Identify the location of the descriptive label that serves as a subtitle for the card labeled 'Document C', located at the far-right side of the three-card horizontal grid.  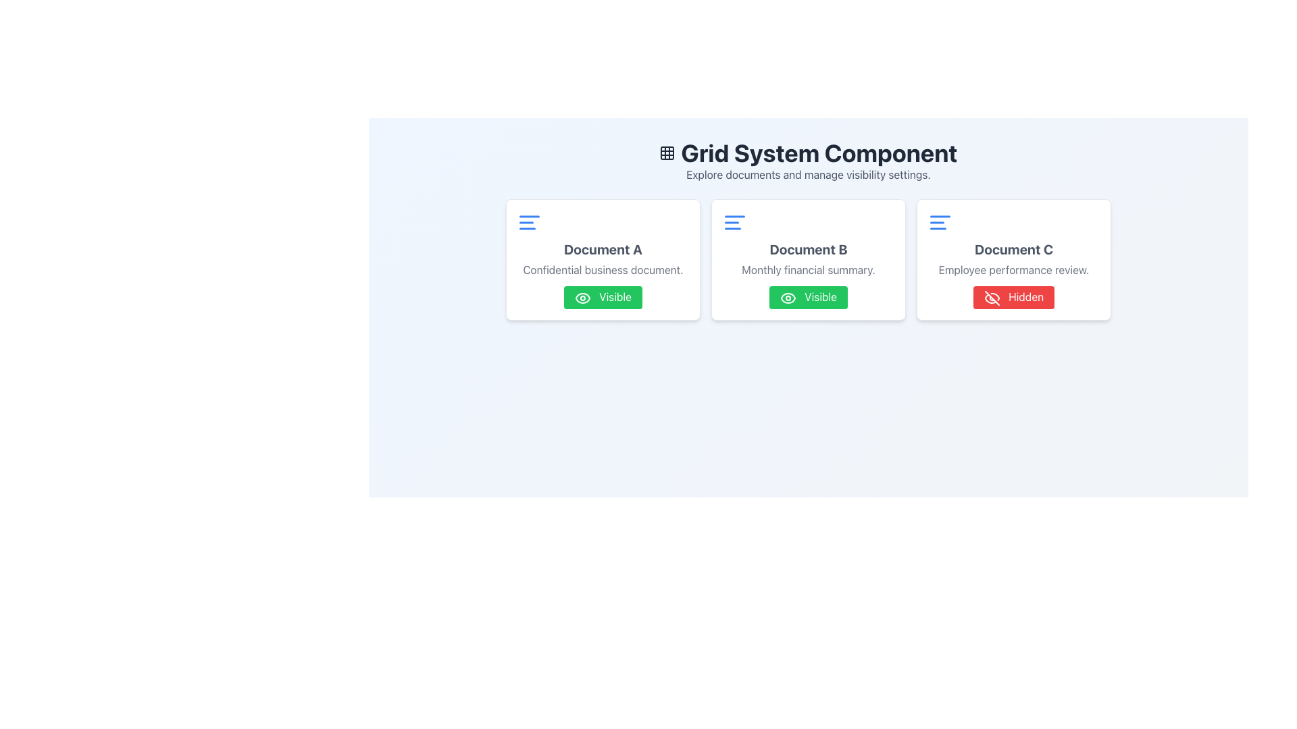
(1014, 270).